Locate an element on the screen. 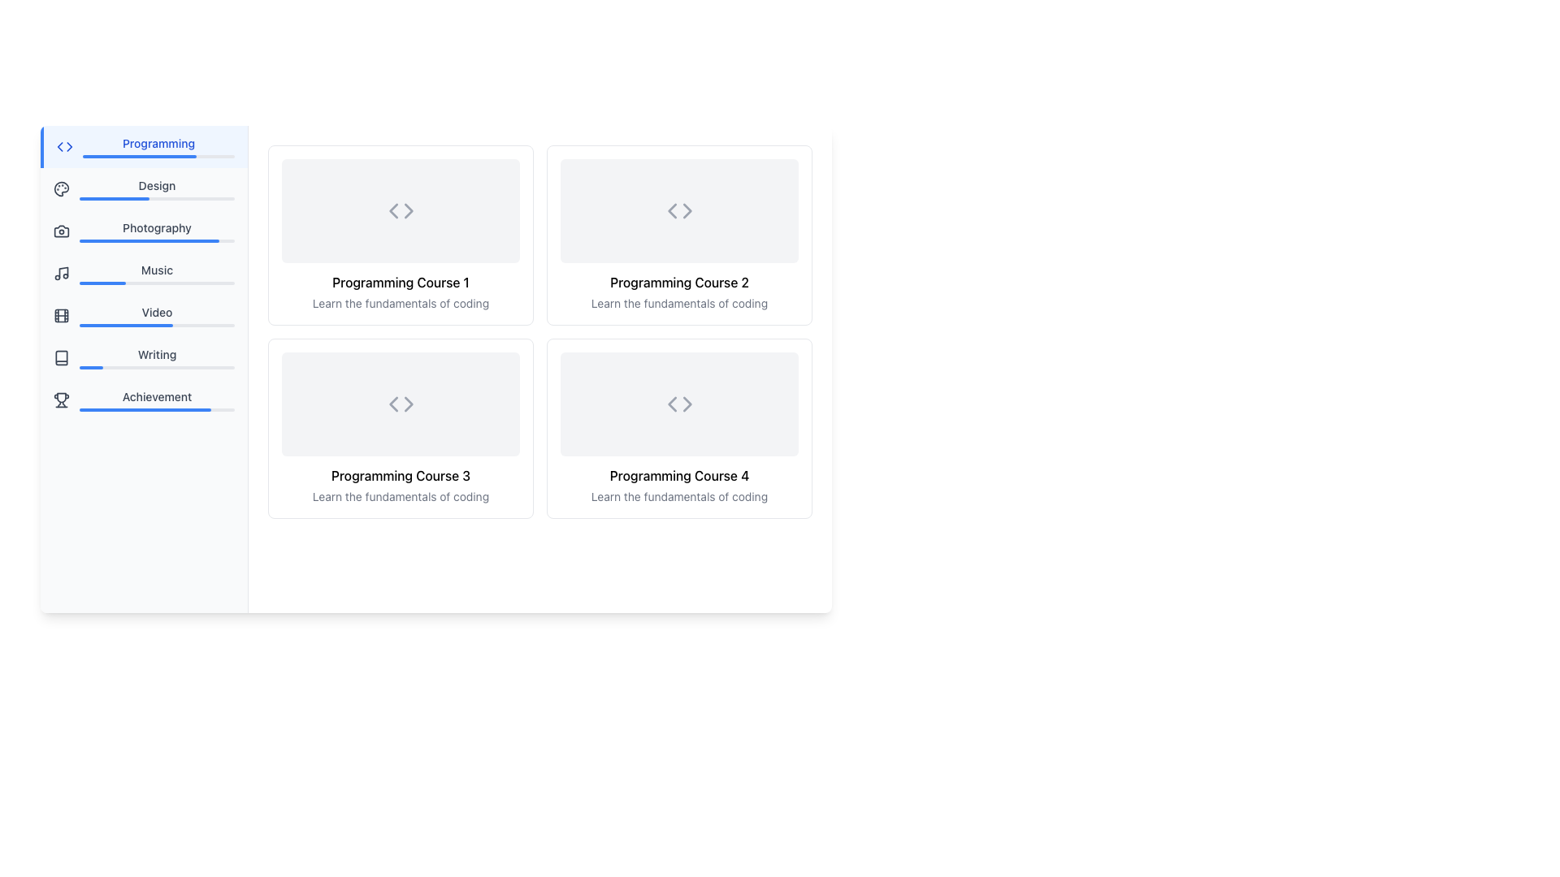 The width and height of the screenshot is (1560, 877). the informational card representing the second course in the top-right position of the 2x2 grid is located at coordinates (679, 235).